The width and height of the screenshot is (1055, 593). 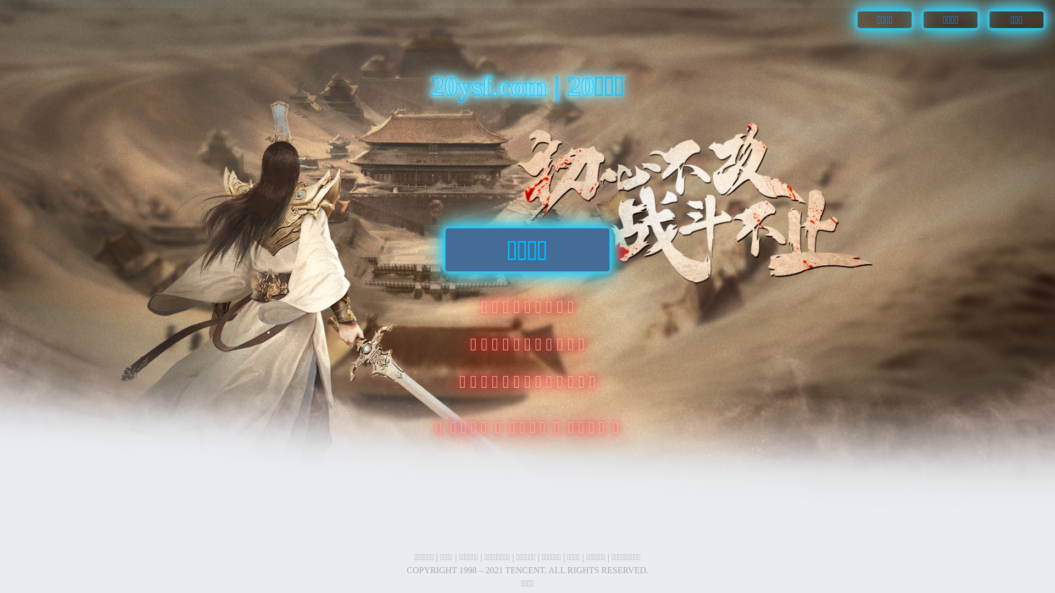 I want to click on '20ysf.com', so click(x=491, y=86).